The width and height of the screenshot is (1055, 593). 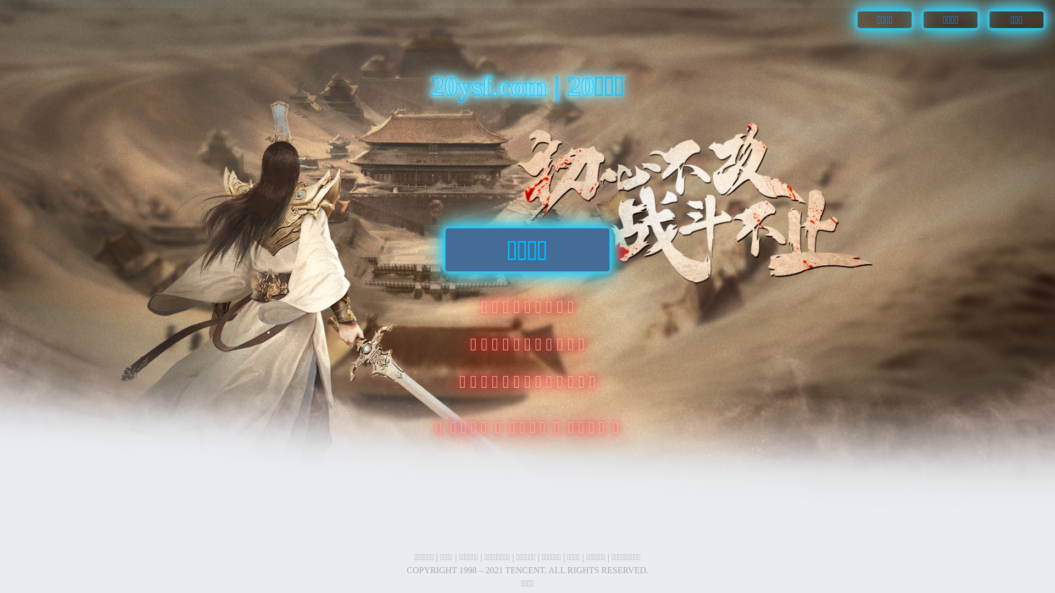 I want to click on '20ysf.com', so click(x=491, y=86).